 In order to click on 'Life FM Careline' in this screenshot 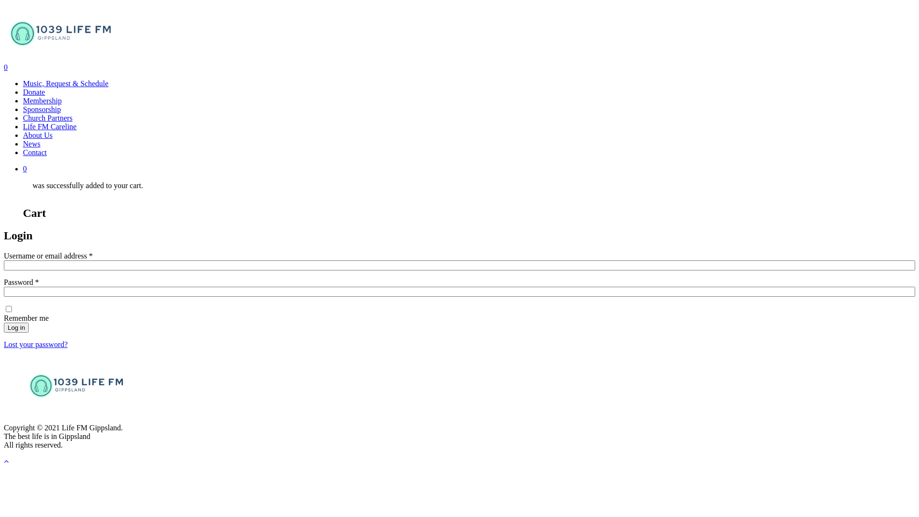, I will do `click(23, 126)`.